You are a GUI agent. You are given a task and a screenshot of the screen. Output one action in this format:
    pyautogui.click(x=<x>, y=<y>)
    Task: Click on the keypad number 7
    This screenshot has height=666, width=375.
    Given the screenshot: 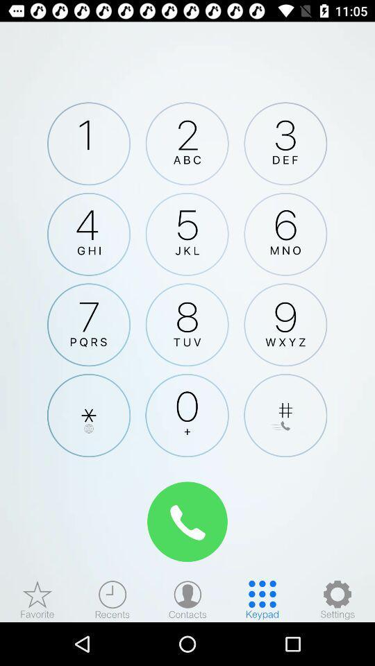 What is the action you would take?
    pyautogui.click(x=89, y=325)
    